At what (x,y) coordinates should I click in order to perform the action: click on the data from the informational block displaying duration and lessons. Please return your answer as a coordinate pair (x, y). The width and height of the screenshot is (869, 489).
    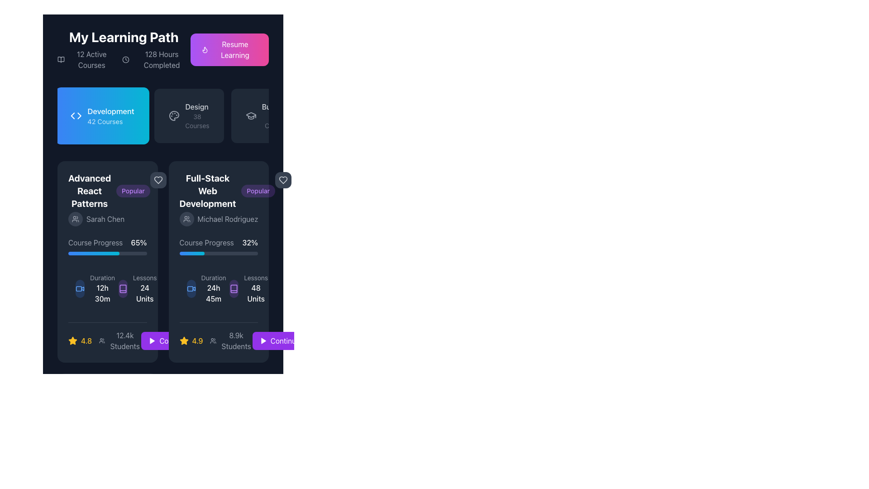
    Looking at the image, I should click on (107, 288).